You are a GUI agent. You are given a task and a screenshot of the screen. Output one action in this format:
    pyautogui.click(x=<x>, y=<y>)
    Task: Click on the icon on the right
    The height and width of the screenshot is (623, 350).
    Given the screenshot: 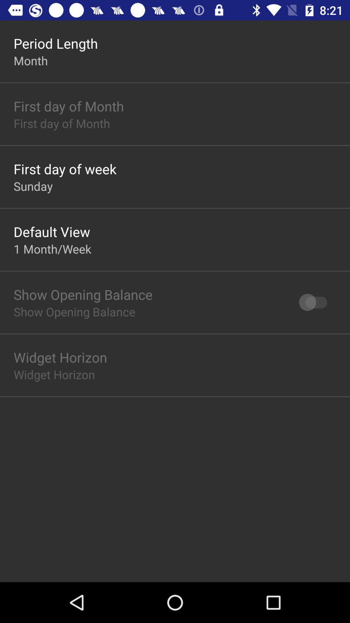 What is the action you would take?
    pyautogui.click(x=316, y=302)
    